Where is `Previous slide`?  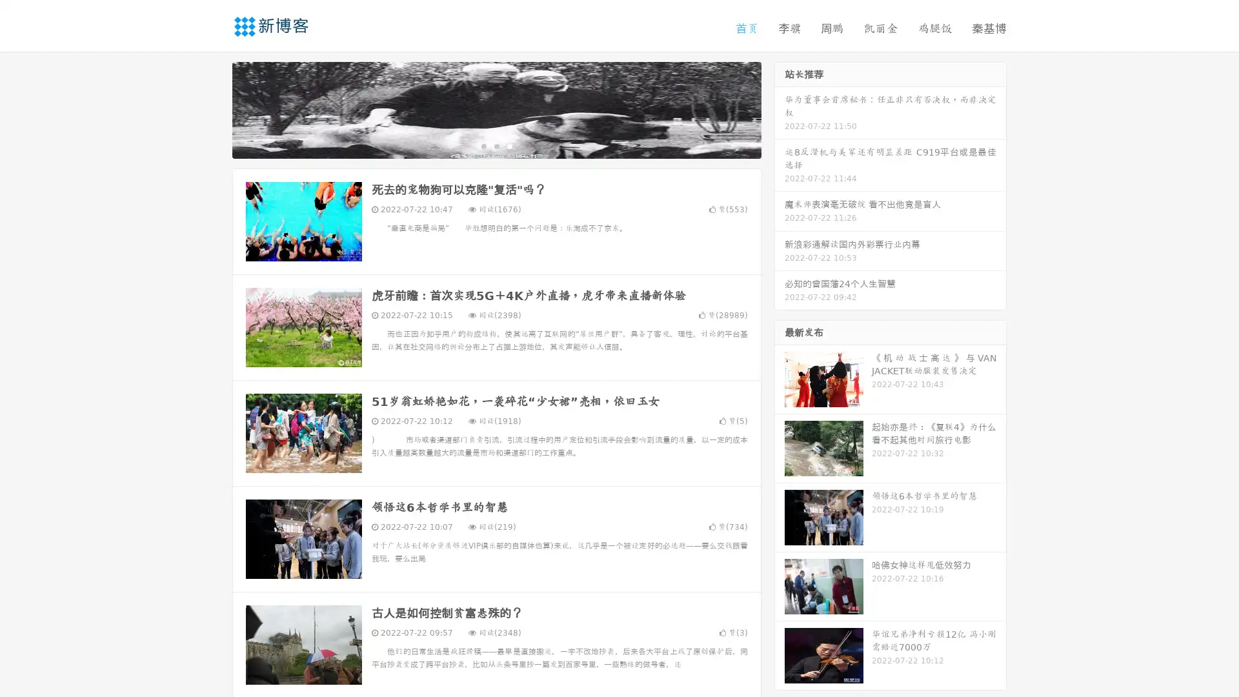
Previous slide is located at coordinates (213, 108).